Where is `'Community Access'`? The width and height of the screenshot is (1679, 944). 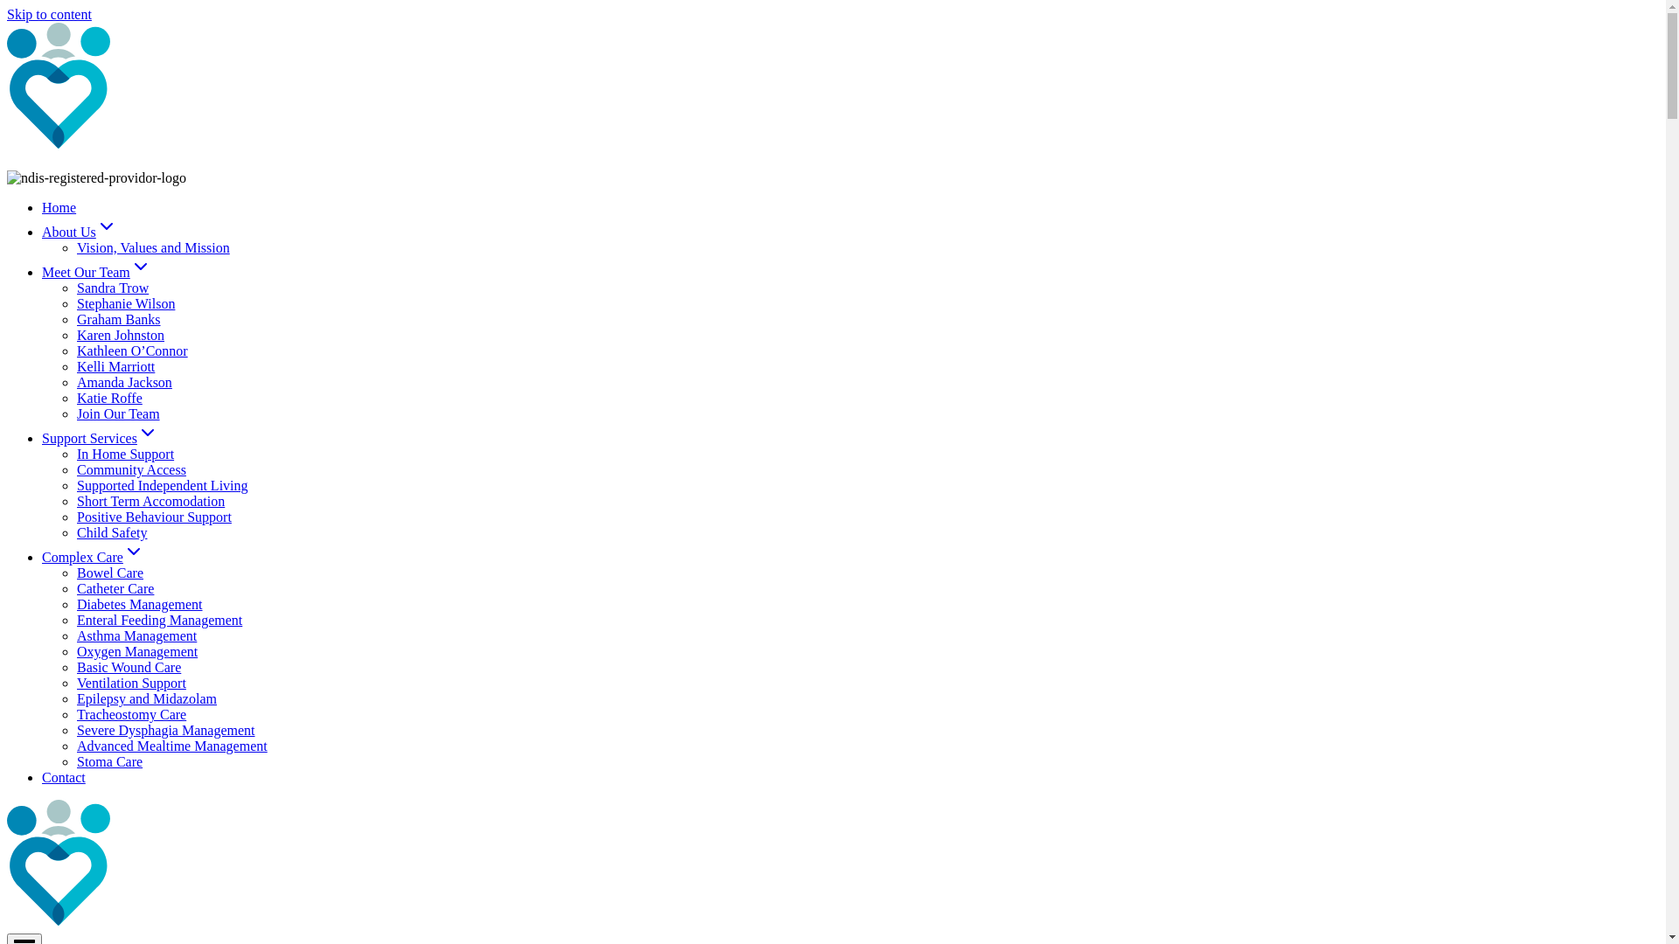 'Community Access' is located at coordinates (75, 469).